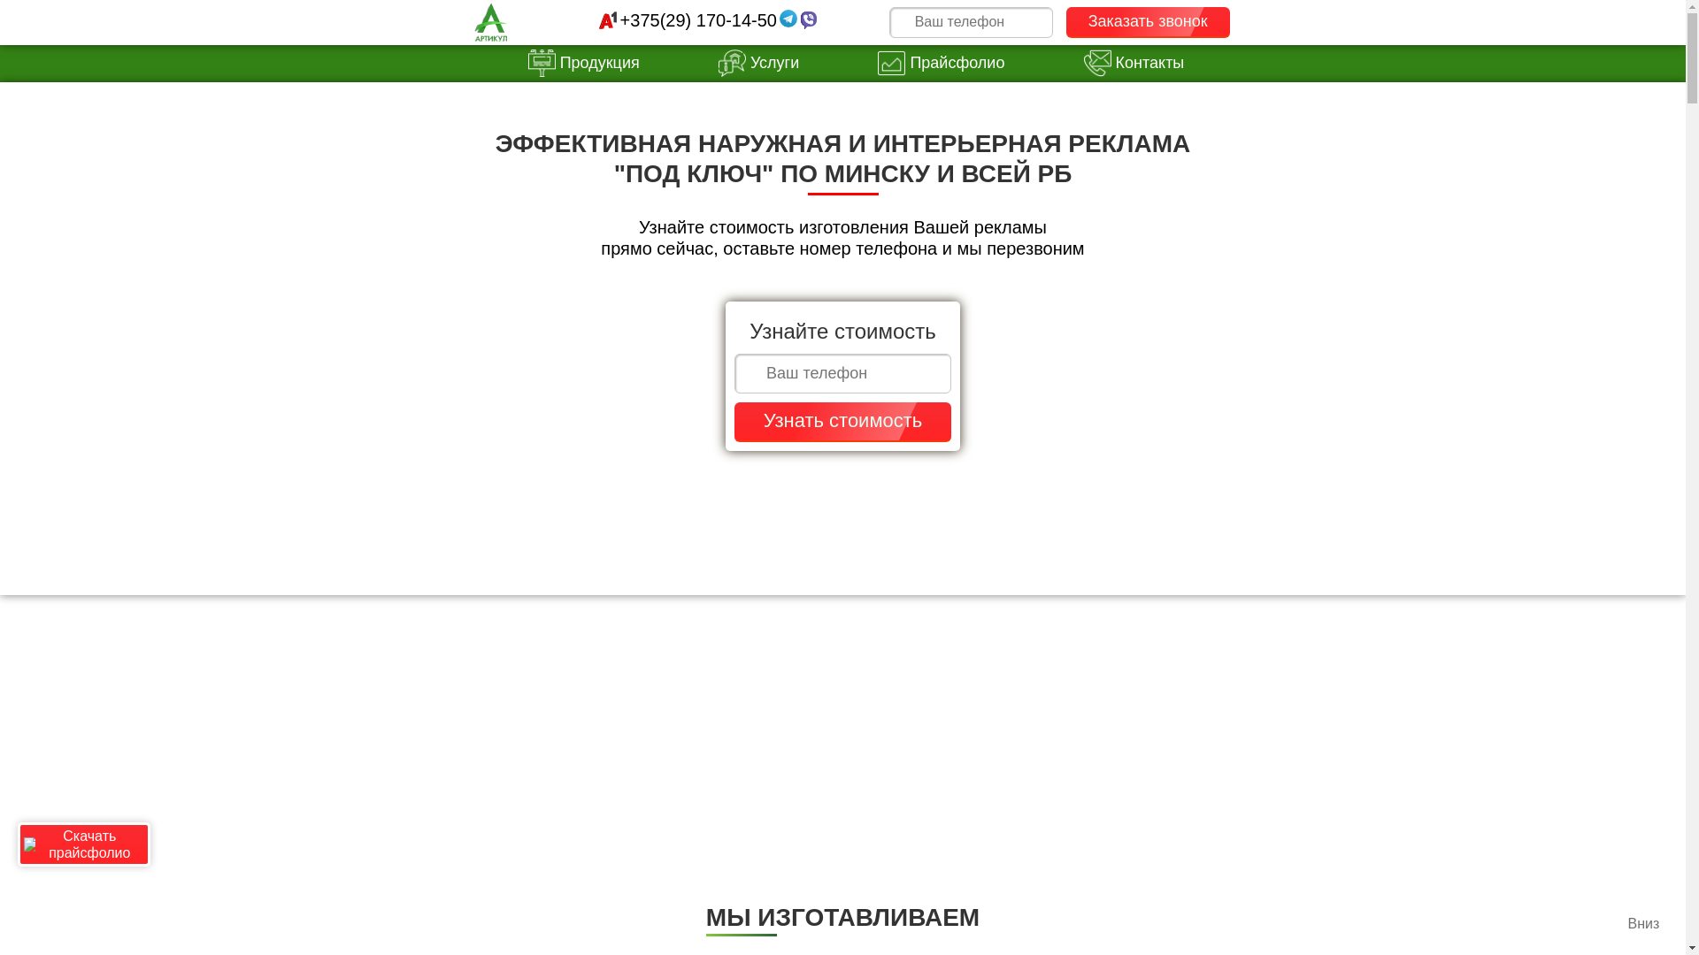 The width and height of the screenshot is (1699, 955). I want to click on '+375(29) 170-14-50', so click(697, 20).